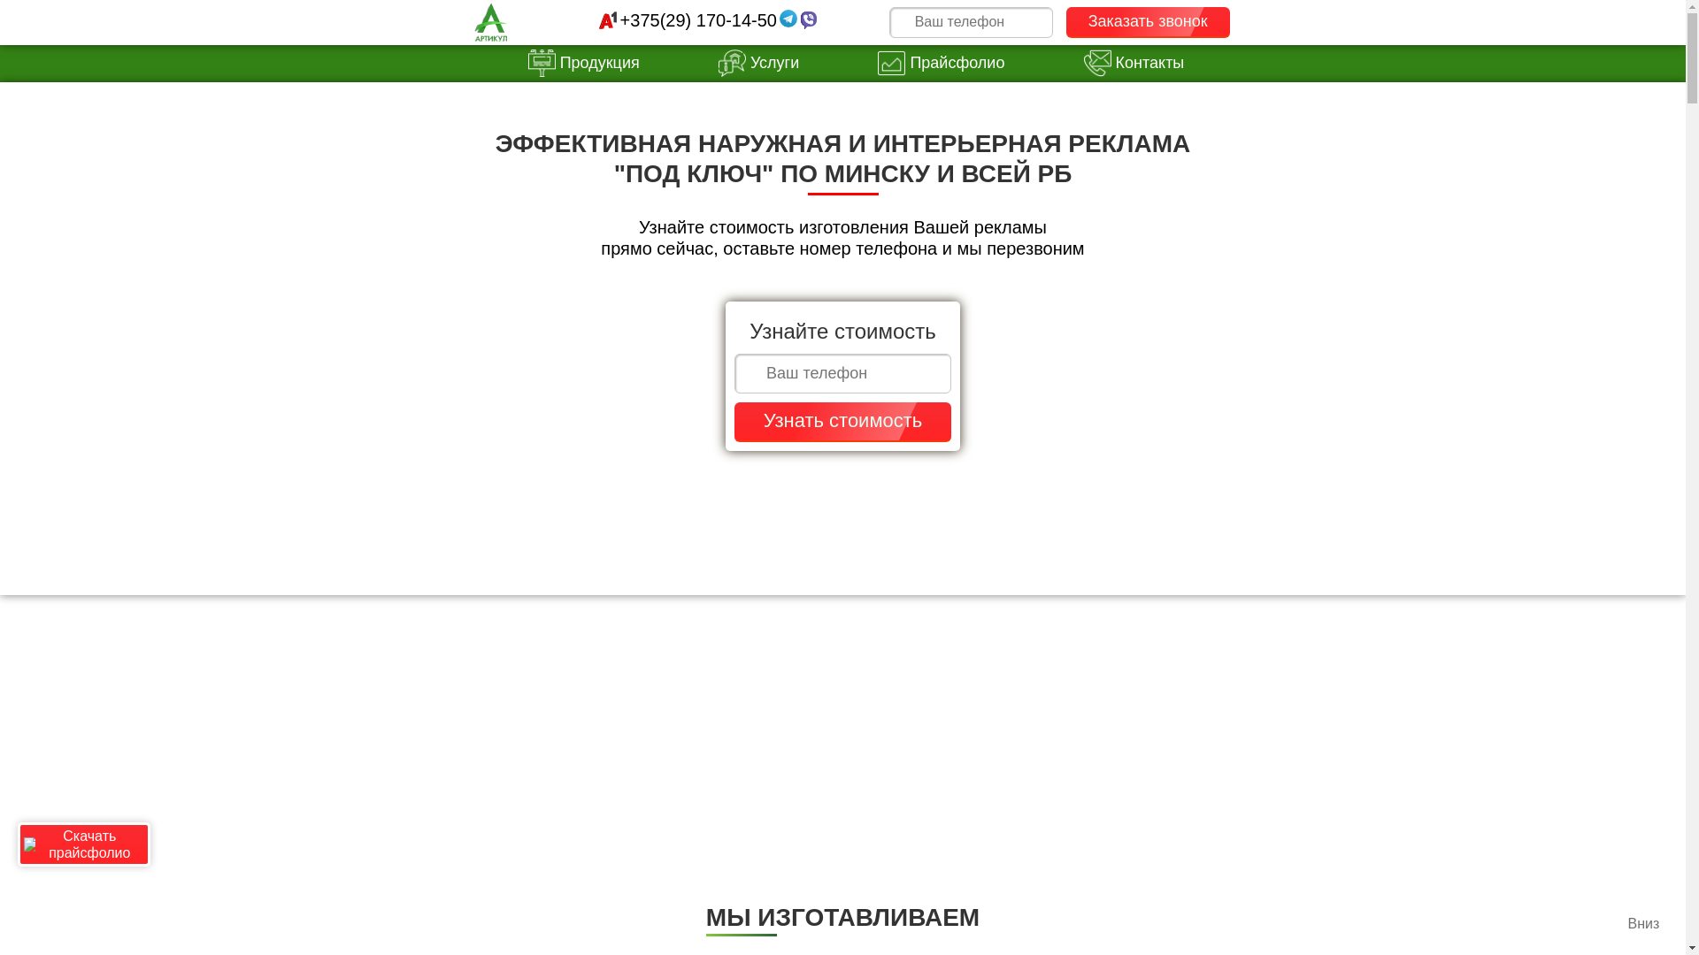 The width and height of the screenshot is (1699, 955). I want to click on '+375(29) 170-14-50', so click(697, 20).